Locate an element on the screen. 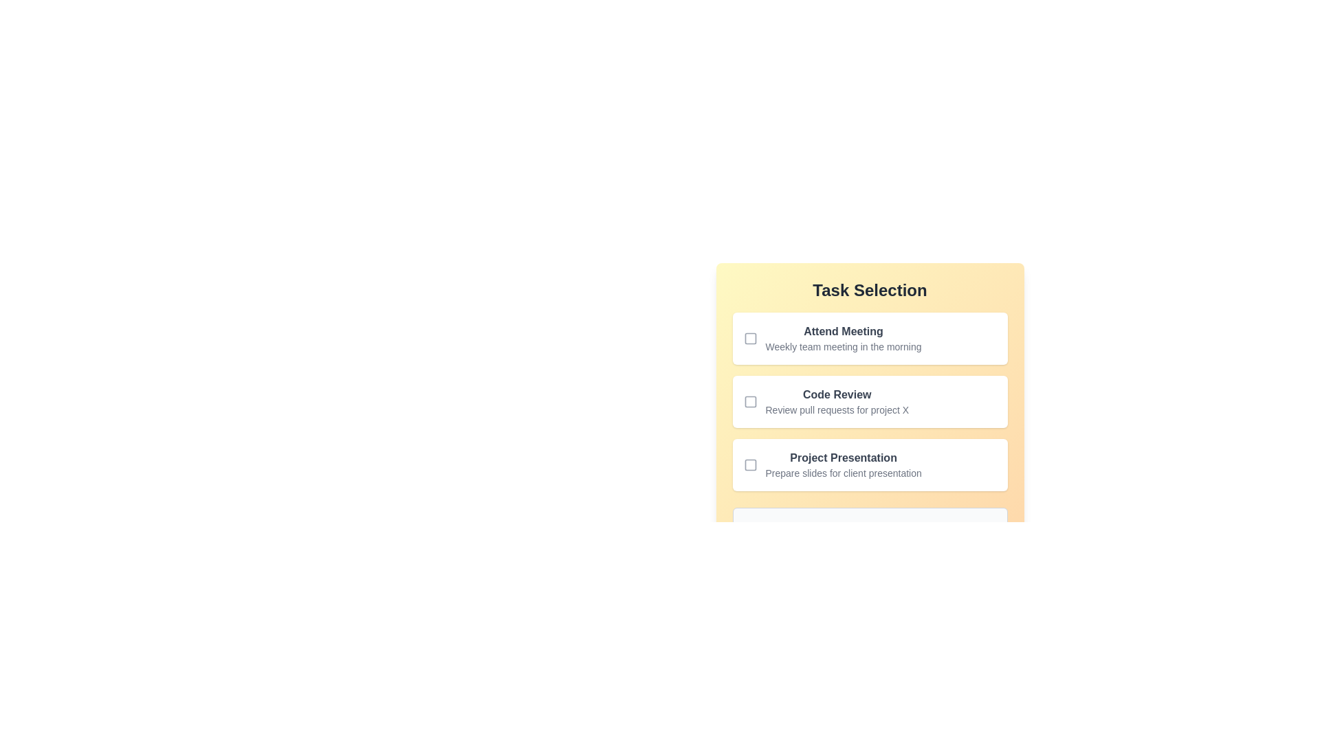 This screenshot has width=1320, height=742. the 'Code Review' text block, which contains a bolded title and a lighter subtitle, positioned within a vertical list on the 'Task Selection' form is located at coordinates (836, 402).